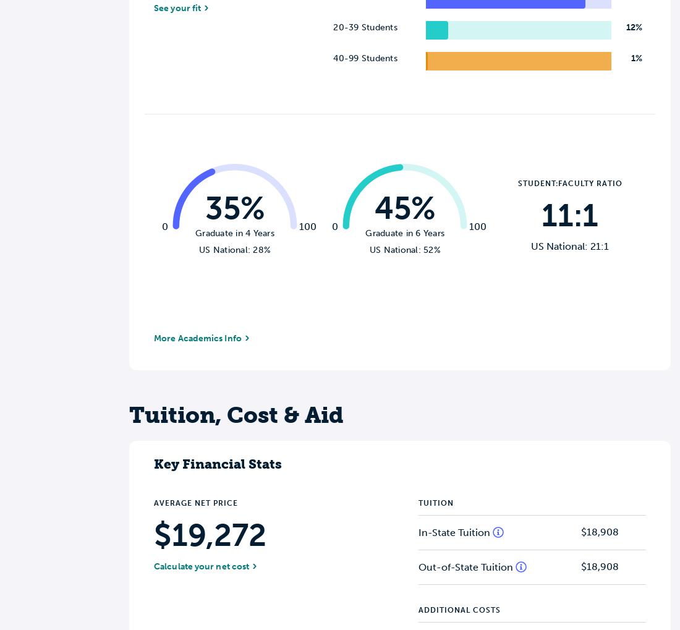 The height and width of the screenshot is (630, 680). Describe the element at coordinates (234, 208) in the screenshot. I see `'35%'` at that location.